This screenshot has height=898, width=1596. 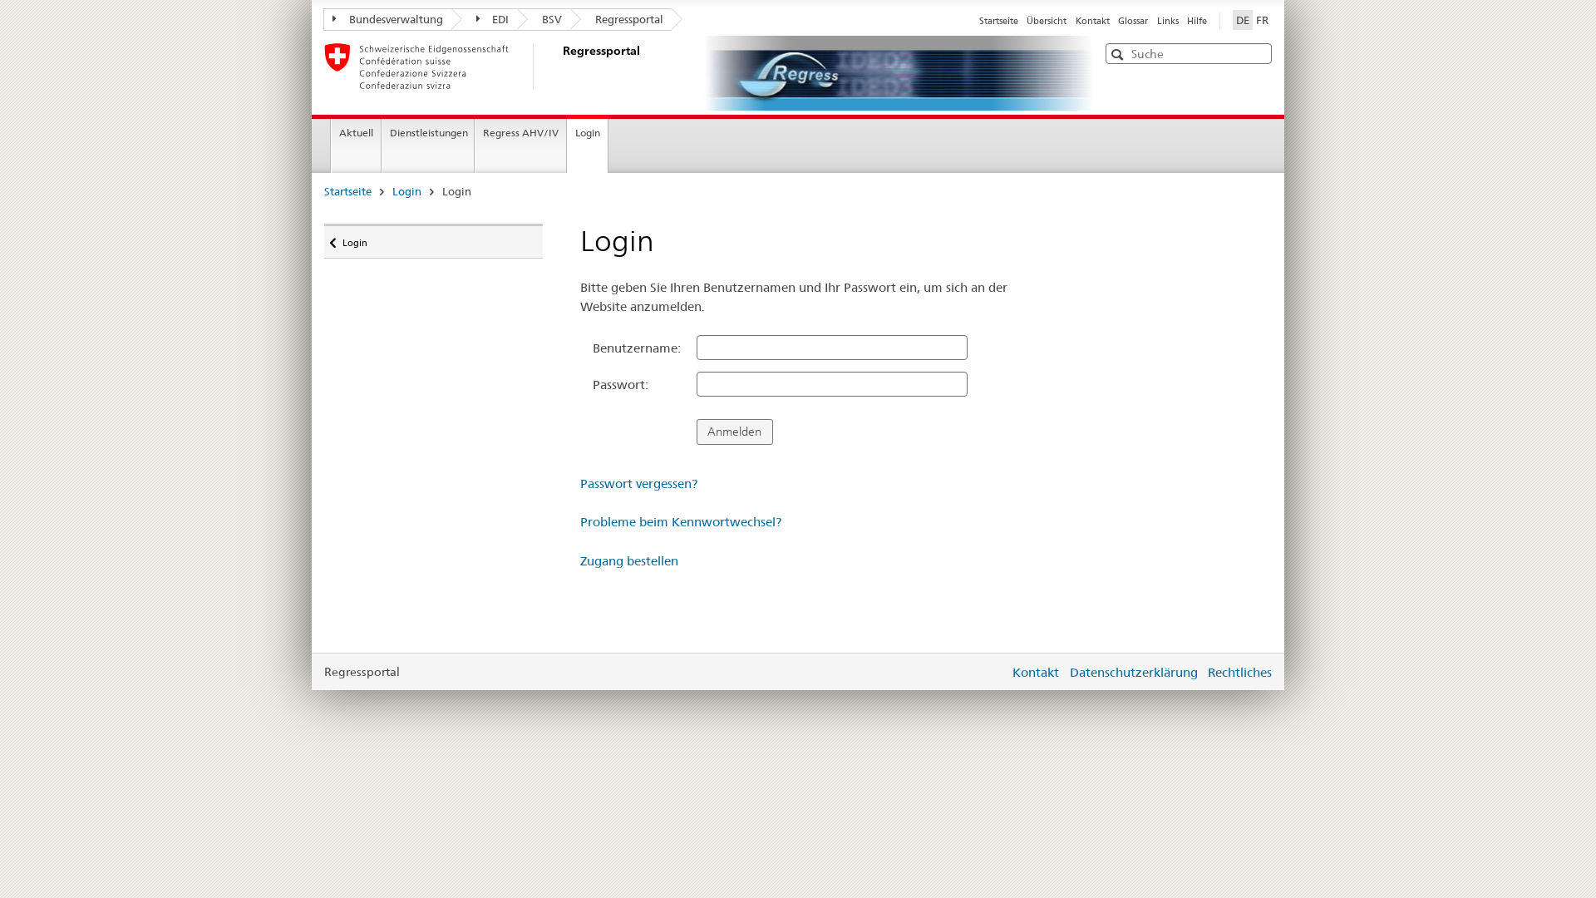 What do you see at coordinates (1186, 20) in the screenshot?
I see `'Hilfe'` at bounding box center [1186, 20].